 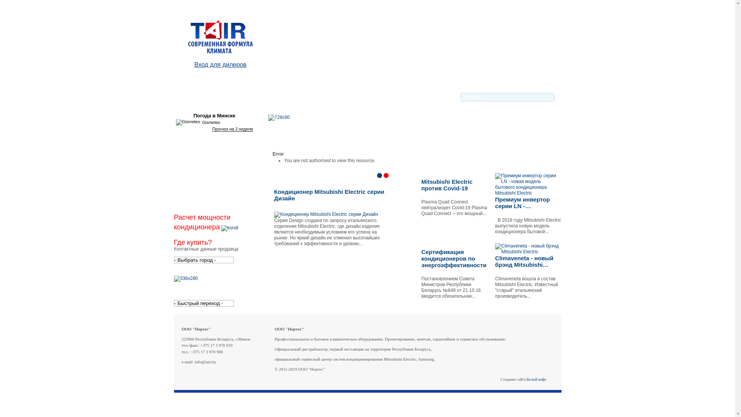 I want to click on 'Gismeteo', so click(x=188, y=122).